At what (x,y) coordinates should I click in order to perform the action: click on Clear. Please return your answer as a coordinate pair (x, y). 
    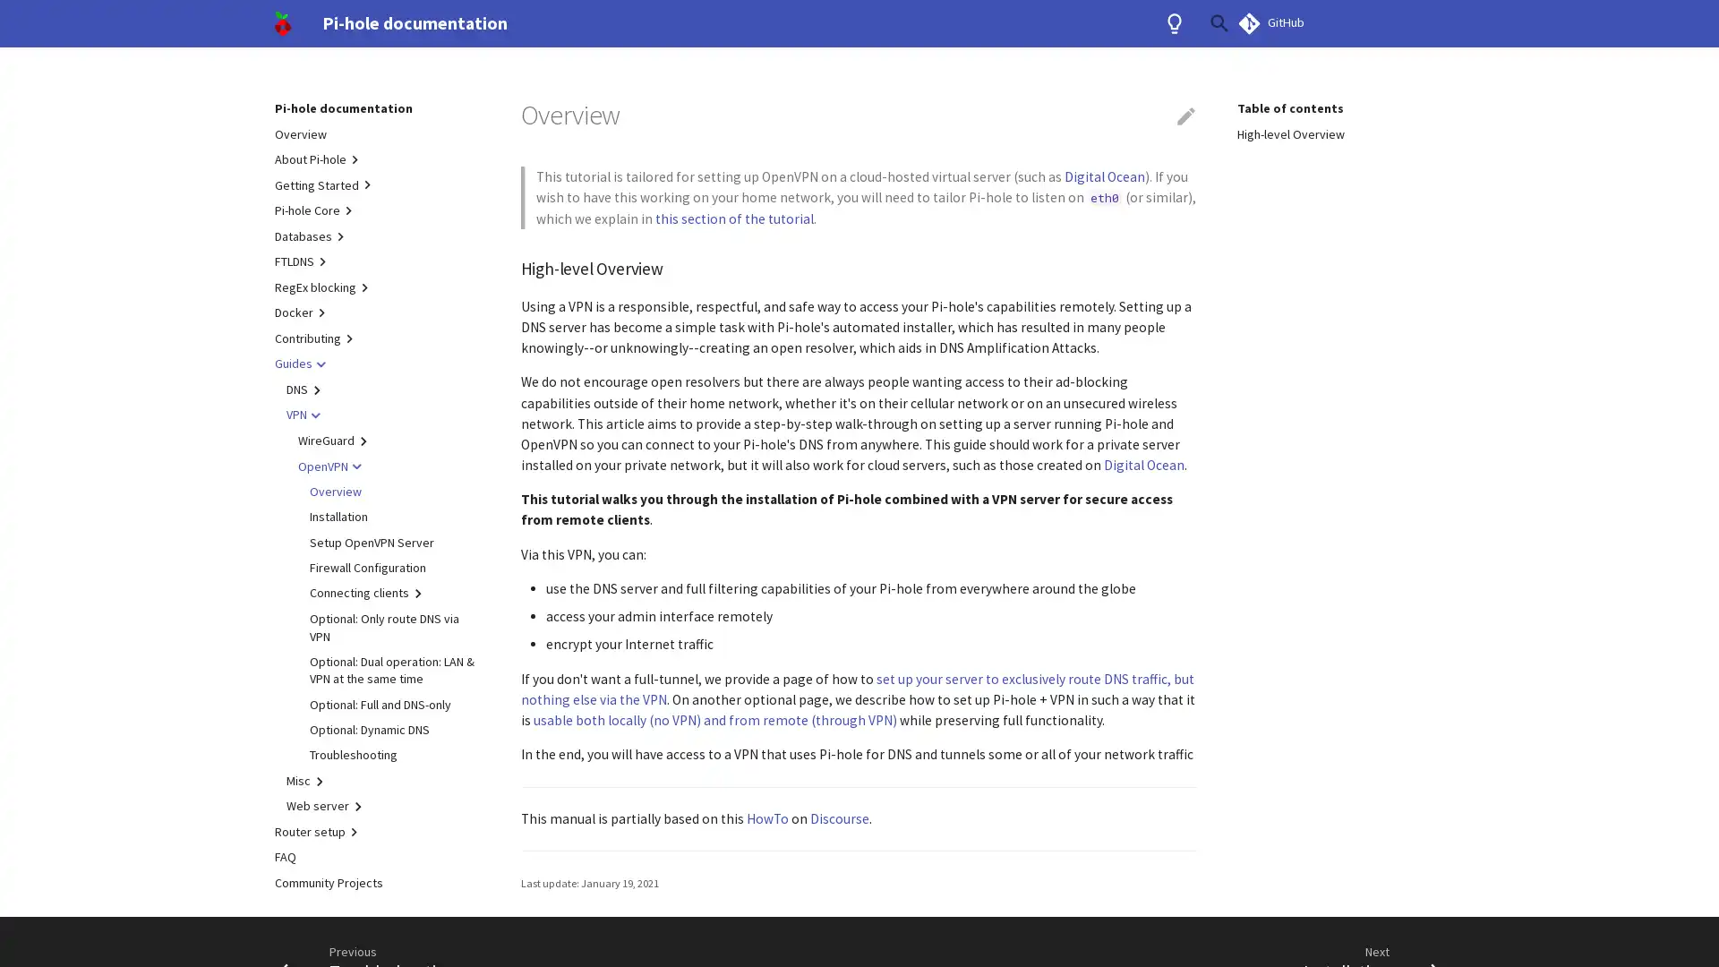
    Looking at the image, I should click on (1176, 23).